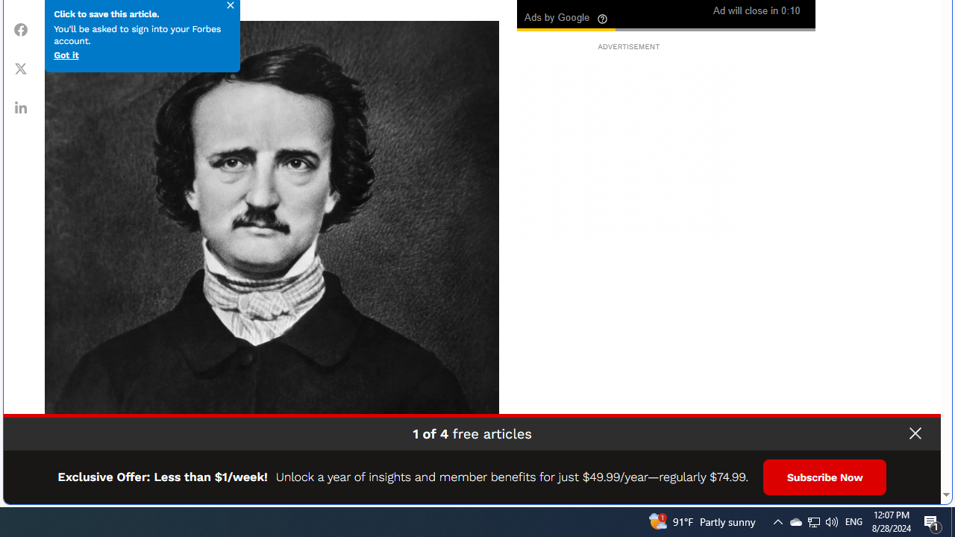  Describe the element at coordinates (21, 29) in the screenshot. I see `'Share Facebook'` at that location.